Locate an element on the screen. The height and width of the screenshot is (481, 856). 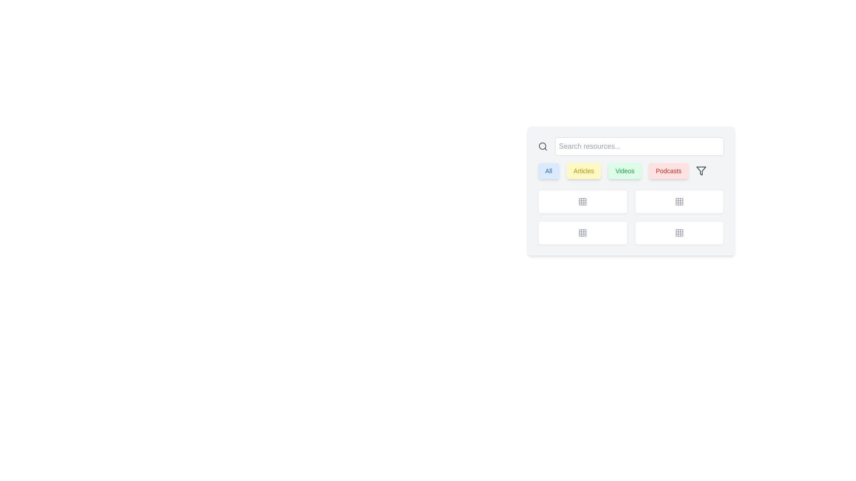
the SVG-based grid icon represented by a 3x3 grid of square cells, which is located in the bottom row's middle card of a 2x3 grid layout is located at coordinates (583, 232).